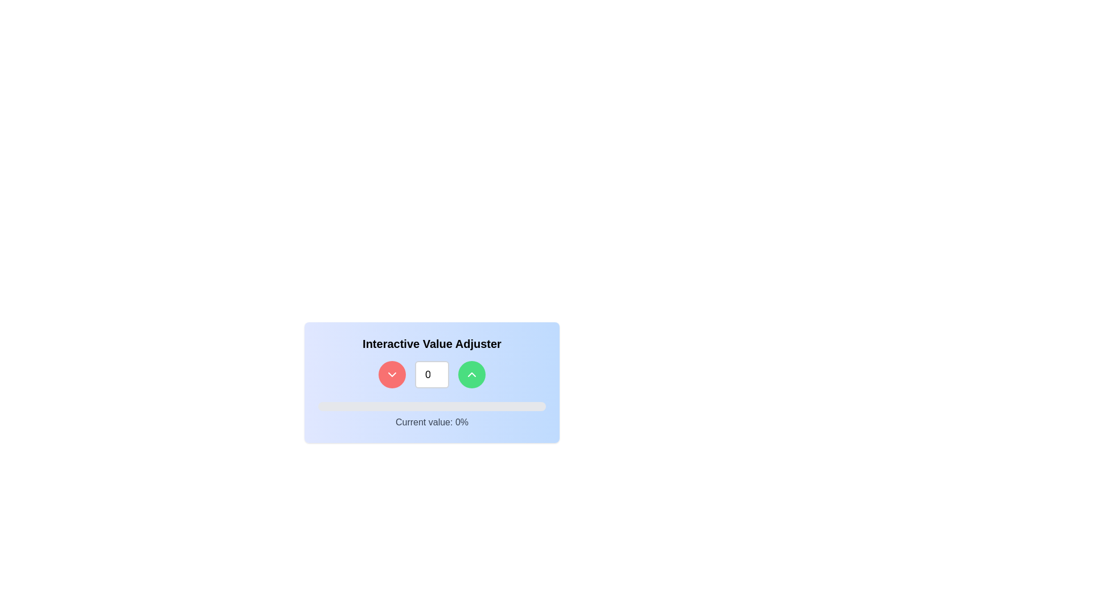 This screenshot has width=1093, height=615. What do you see at coordinates (431, 405) in the screenshot?
I see `the progress bar located at the bottom of the 'Interactive Value Adjuster' card, which has a gray background and a blue segment currently at 0% width` at bounding box center [431, 405].